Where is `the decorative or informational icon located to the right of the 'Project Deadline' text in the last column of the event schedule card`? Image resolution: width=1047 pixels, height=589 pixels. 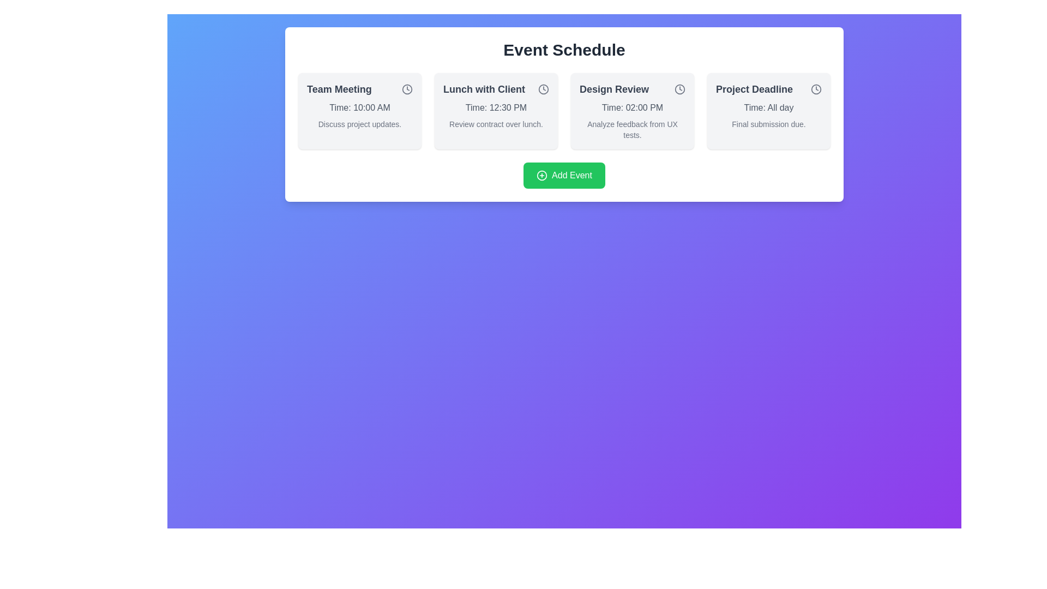
the decorative or informational icon located to the right of the 'Project Deadline' text in the last column of the event schedule card is located at coordinates (816, 89).